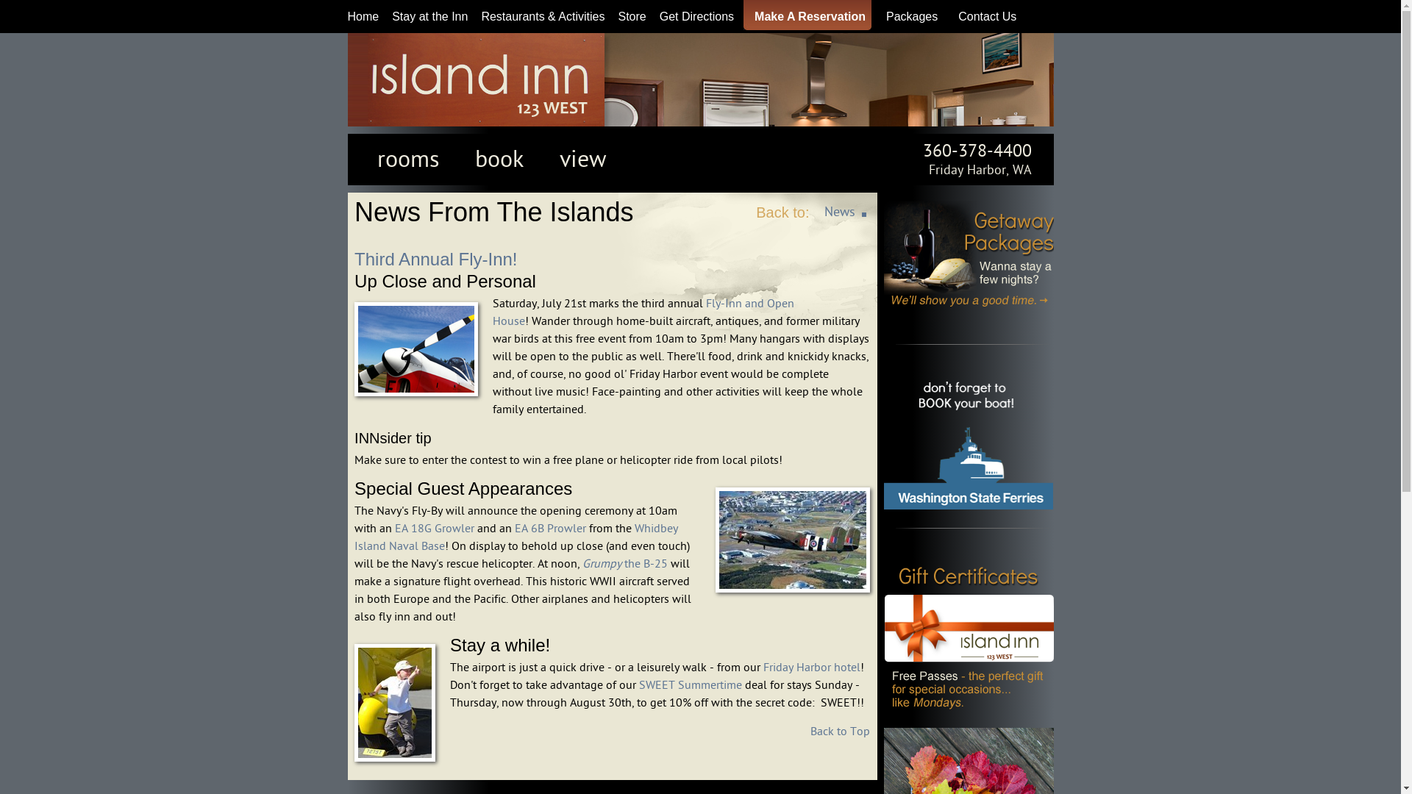  What do you see at coordinates (839, 212) in the screenshot?
I see `'News'` at bounding box center [839, 212].